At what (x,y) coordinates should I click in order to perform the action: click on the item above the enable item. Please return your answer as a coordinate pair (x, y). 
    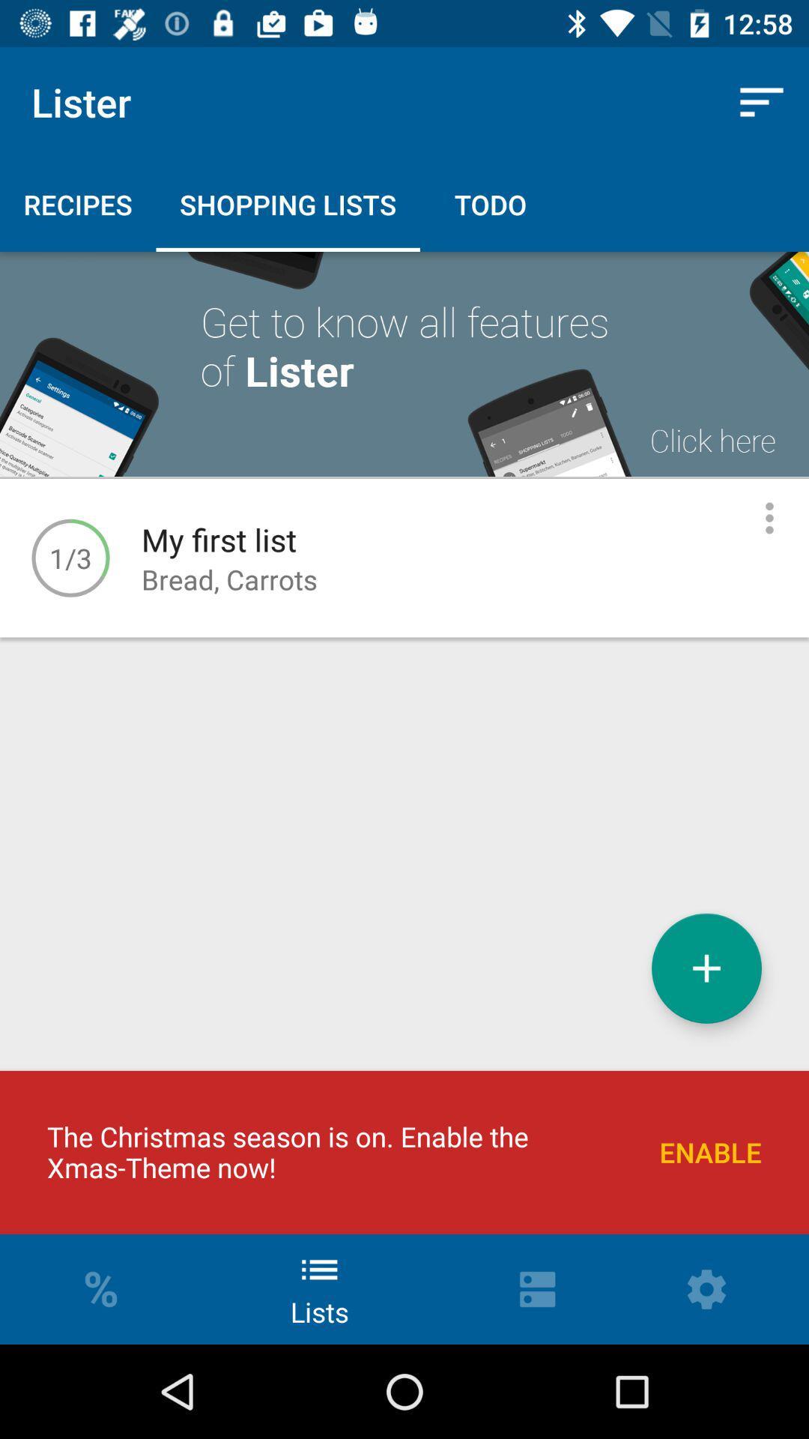
    Looking at the image, I should click on (706, 968).